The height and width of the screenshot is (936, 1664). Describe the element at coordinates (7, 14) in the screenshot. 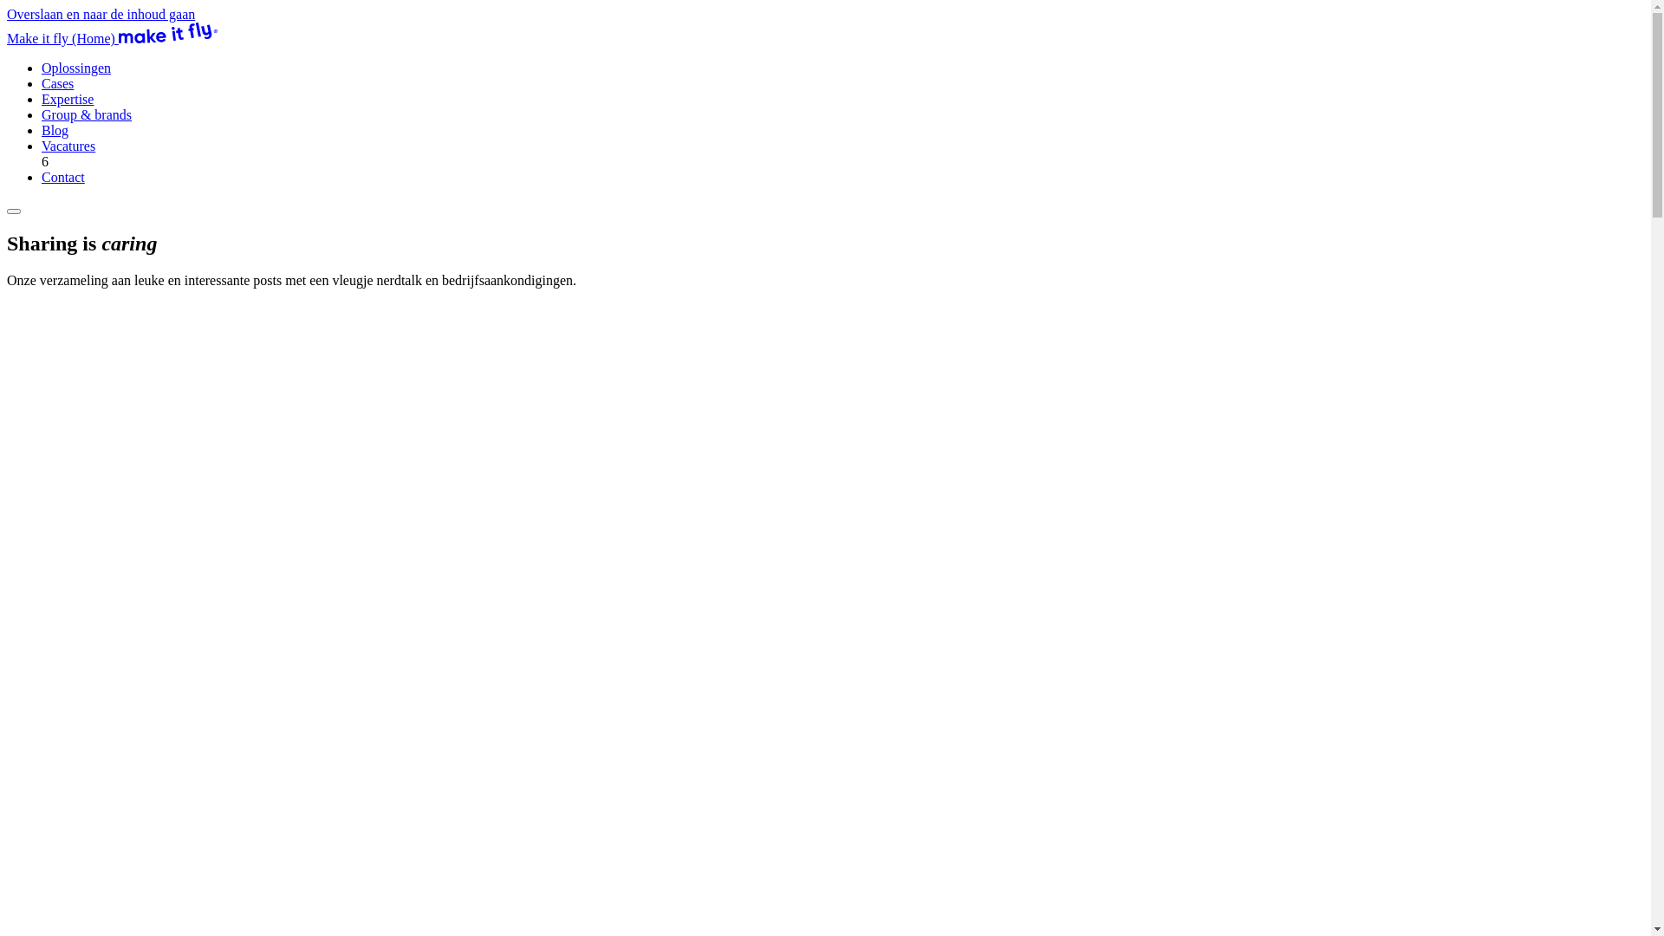

I see `'Overslaan en naar de inhoud gaan'` at that location.